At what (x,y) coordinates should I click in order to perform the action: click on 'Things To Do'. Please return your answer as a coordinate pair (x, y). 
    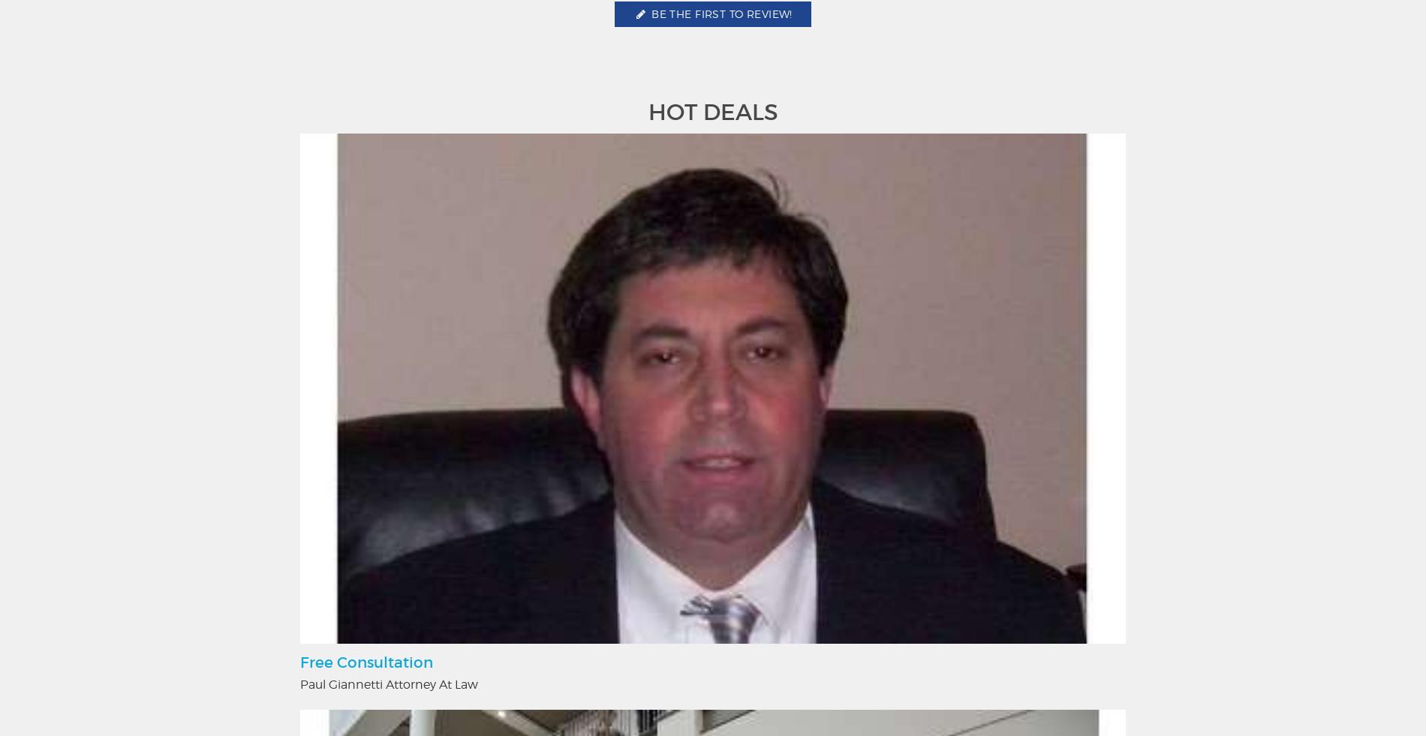
    Looking at the image, I should click on (338, 599).